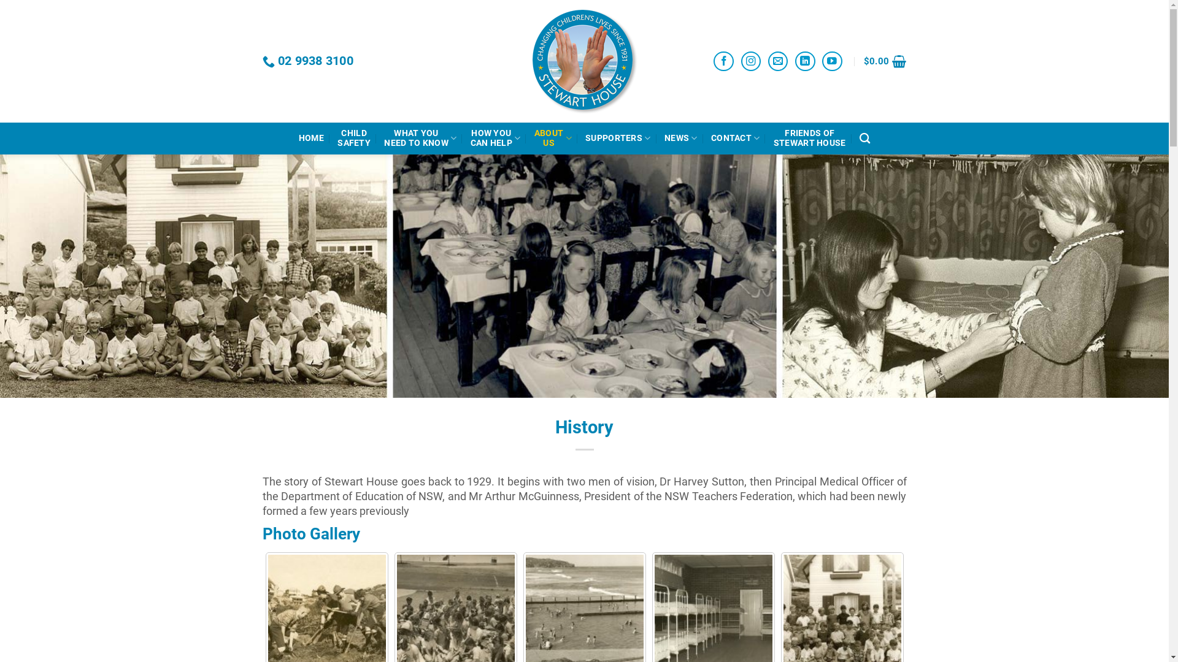 This screenshot has width=1178, height=662. What do you see at coordinates (308, 61) in the screenshot?
I see `'02 9938 3100'` at bounding box center [308, 61].